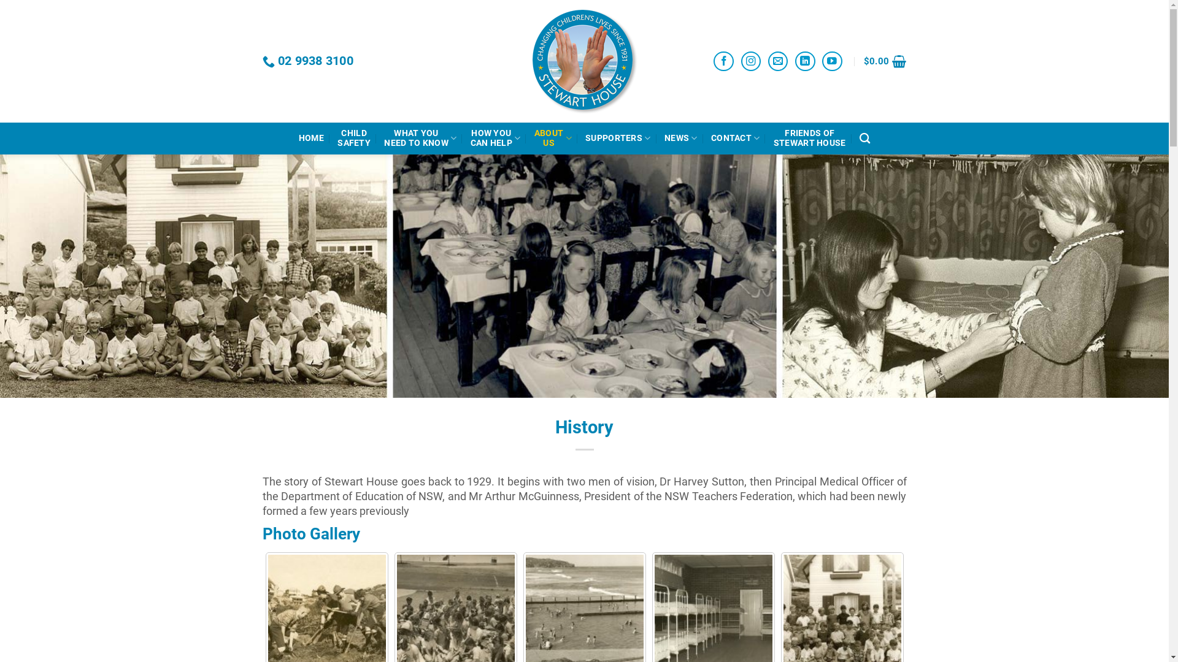 This screenshot has width=1178, height=662. What do you see at coordinates (308, 61) in the screenshot?
I see `'02 9938 3100'` at bounding box center [308, 61].